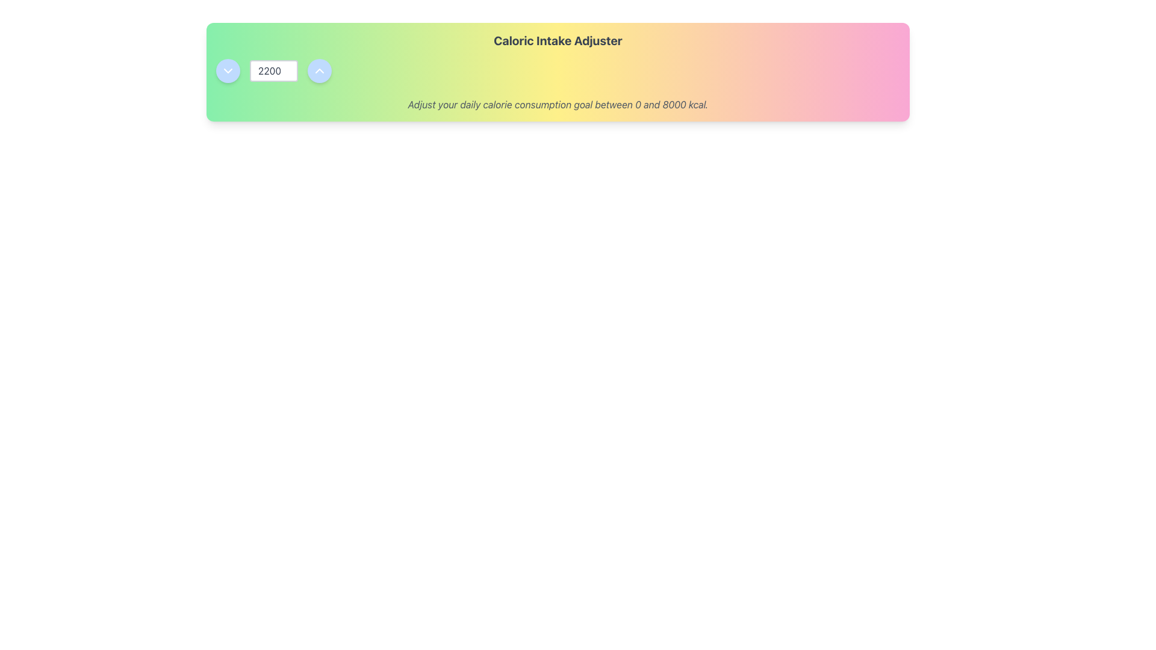 The height and width of the screenshot is (650, 1156). What do you see at coordinates (320, 71) in the screenshot?
I see `the blue circular button with an upward-pointing white arrow to increment the value displayed in the adjacent white box` at bounding box center [320, 71].